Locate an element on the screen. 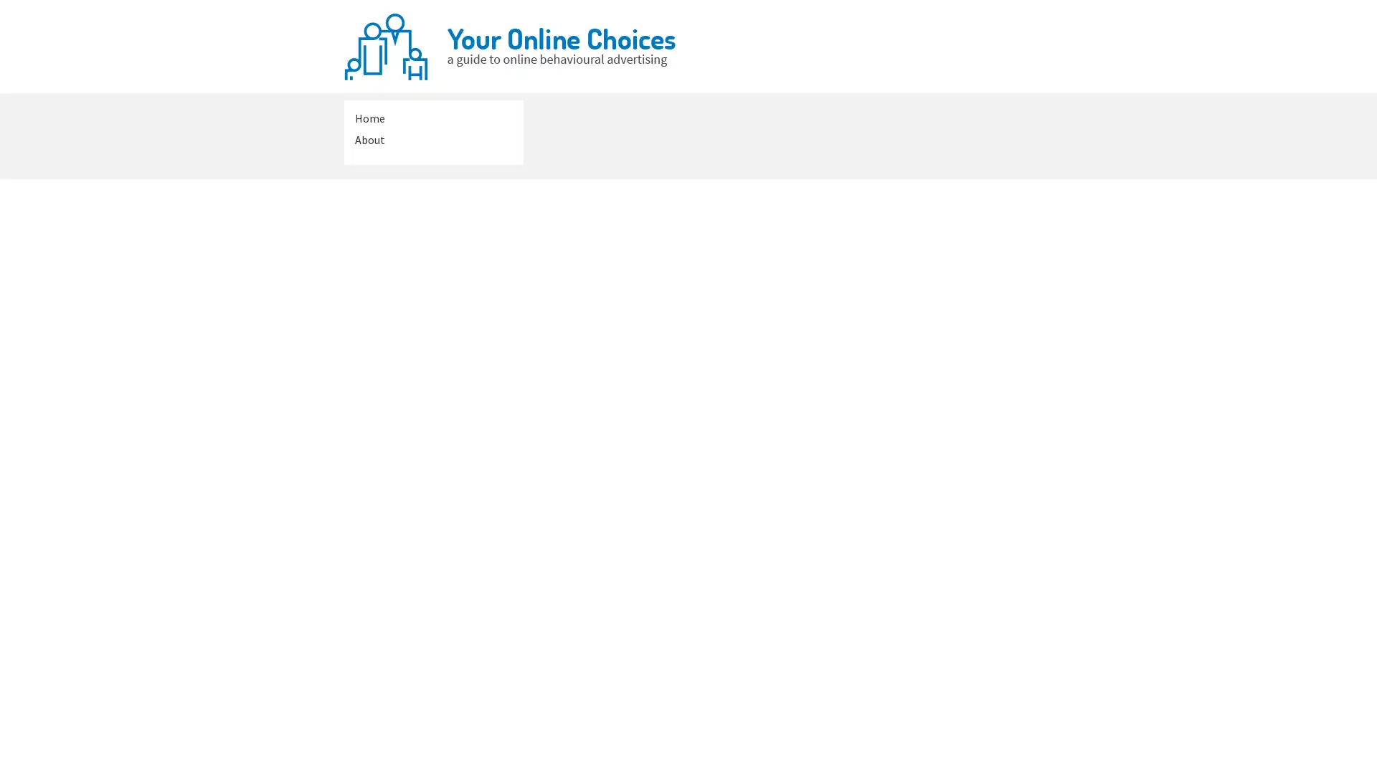 The image size is (1377, 774). show more media controls is located at coordinates (974, 392).